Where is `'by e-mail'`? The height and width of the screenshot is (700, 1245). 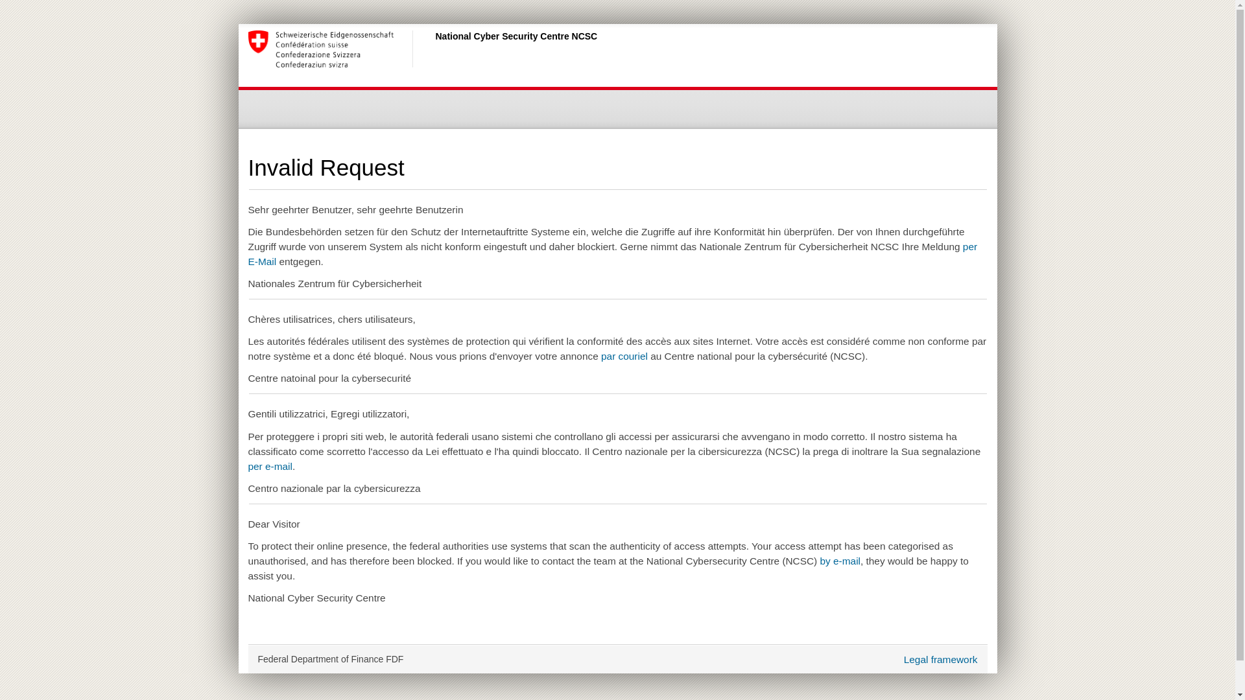
'by e-mail' is located at coordinates (820, 560).